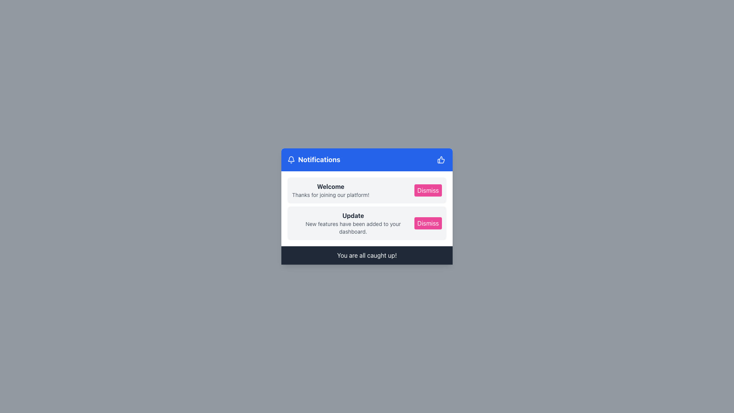  Describe the element at coordinates (331, 194) in the screenshot. I see `the text block that says 'Thanks for joining our platform!' which is located beneath the bold 'Welcome' text in the notification card` at that location.